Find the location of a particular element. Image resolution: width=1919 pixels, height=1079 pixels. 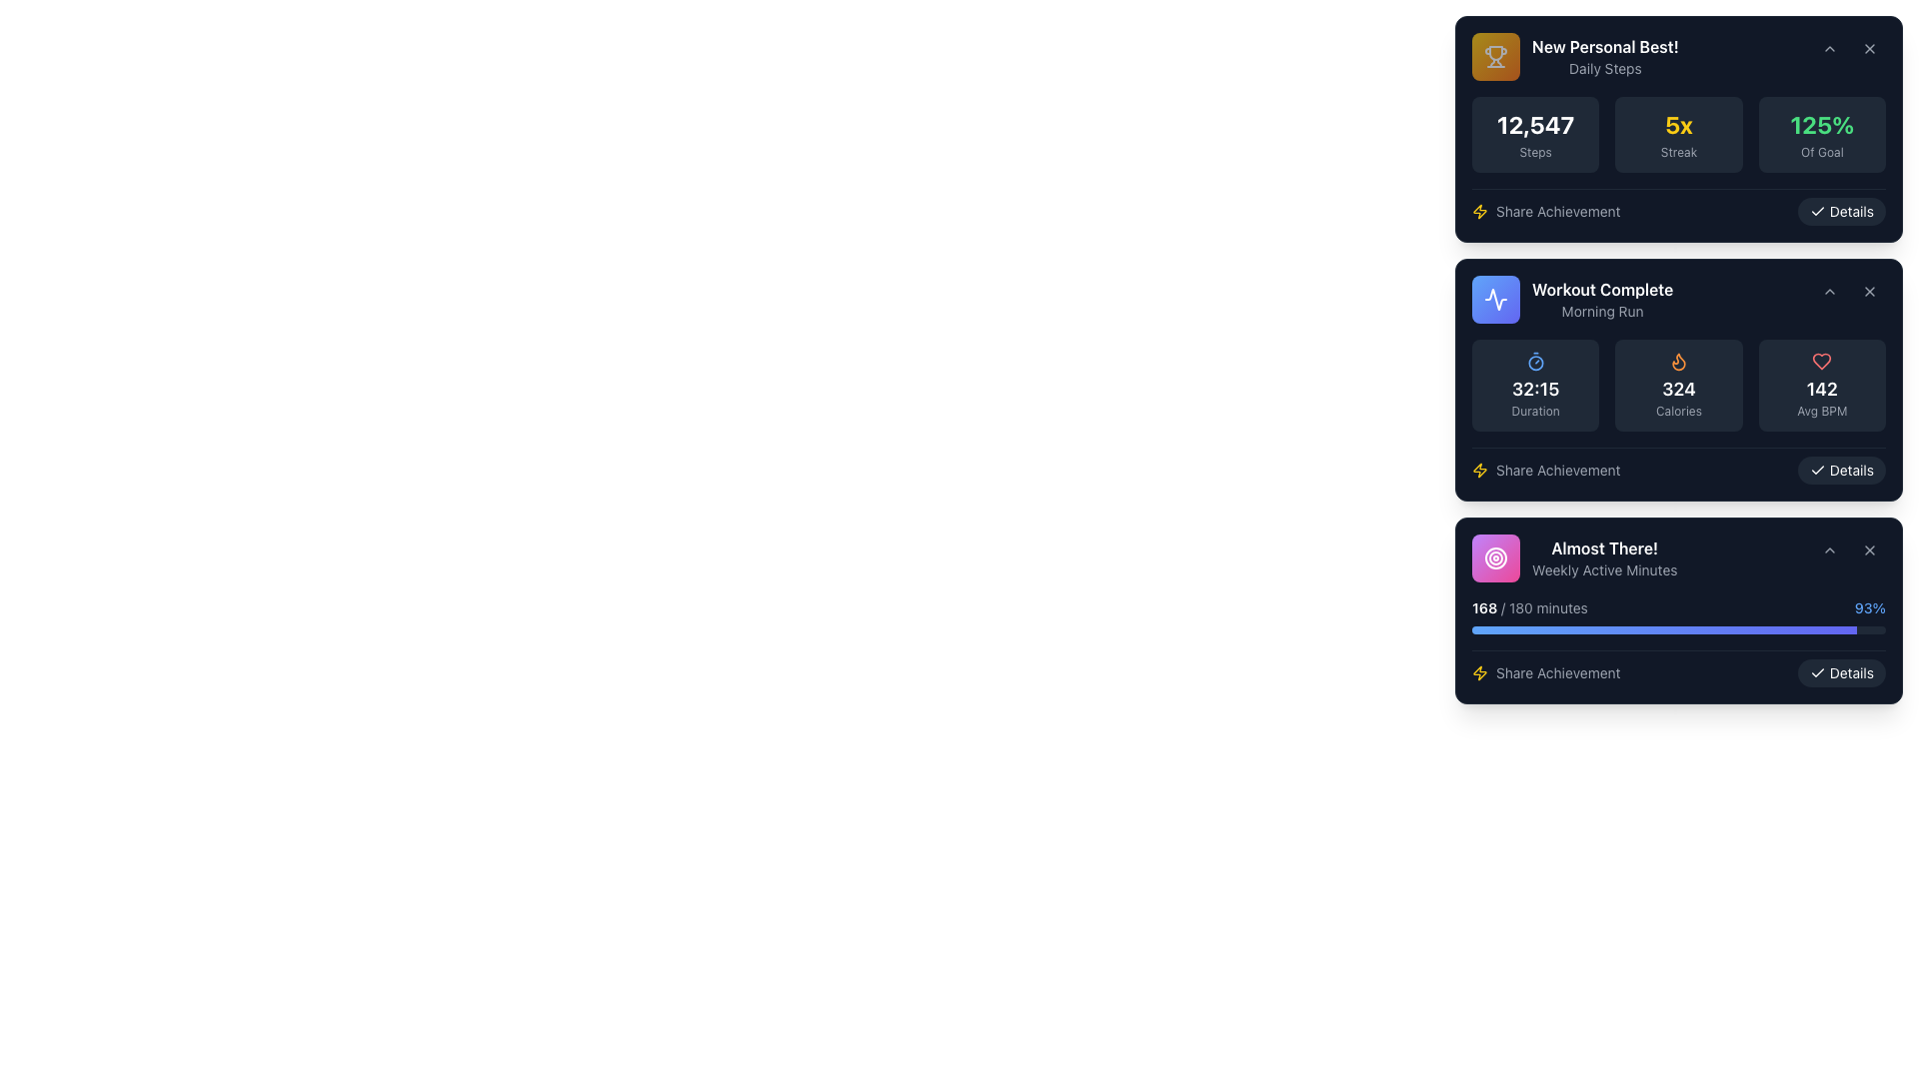

the share button located at the bottom-left of the 'Workout Complete' card is located at coordinates (1545, 470).